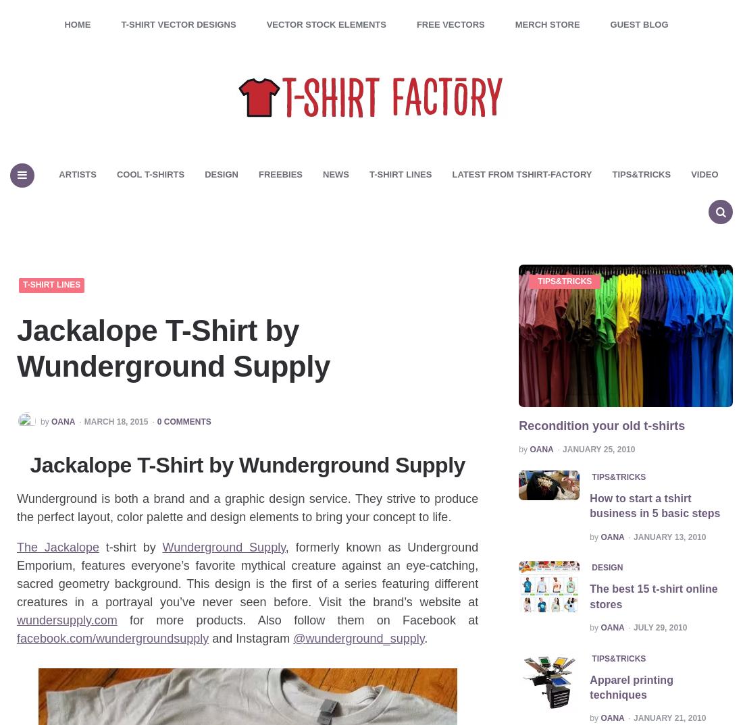 This screenshot has height=725, width=743. What do you see at coordinates (162, 547) in the screenshot?
I see `'Wunderground Supply'` at bounding box center [162, 547].